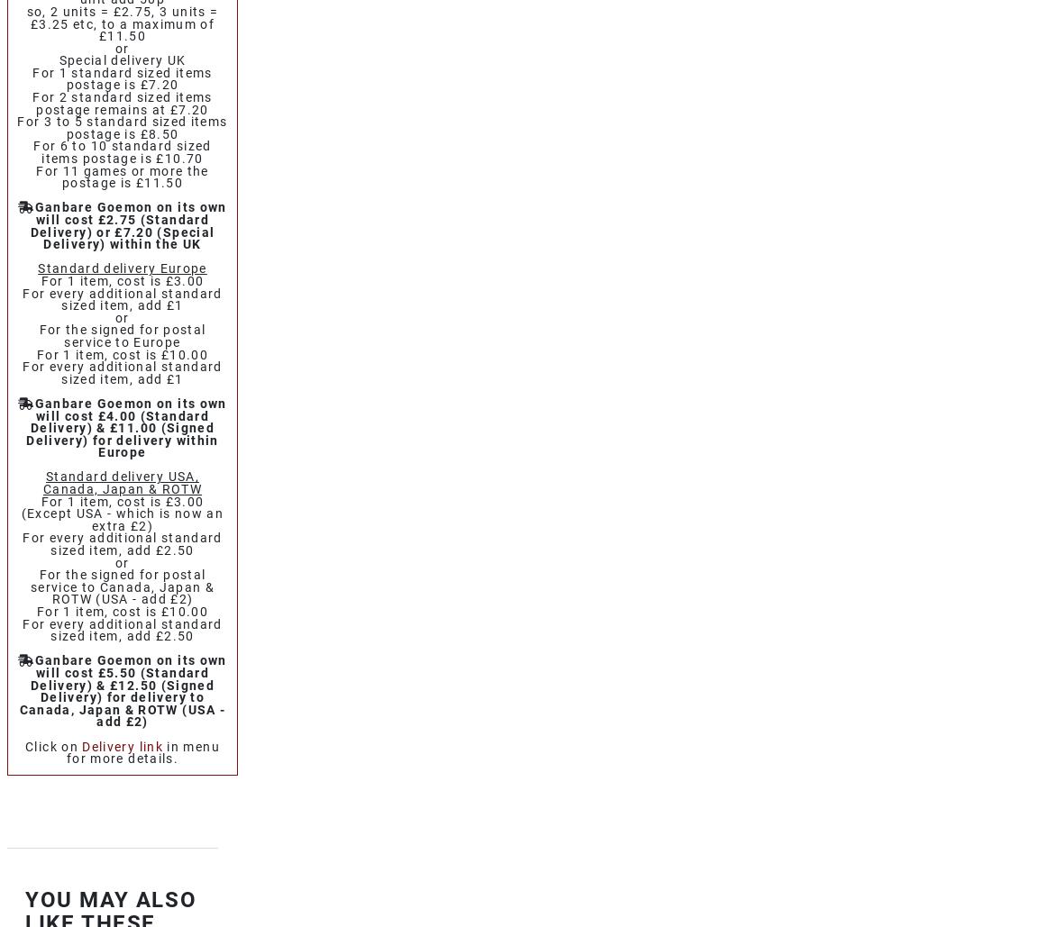 The height and width of the screenshot is (927, 1060). I want to click on 'Search By Publisher', so click(131, 375).